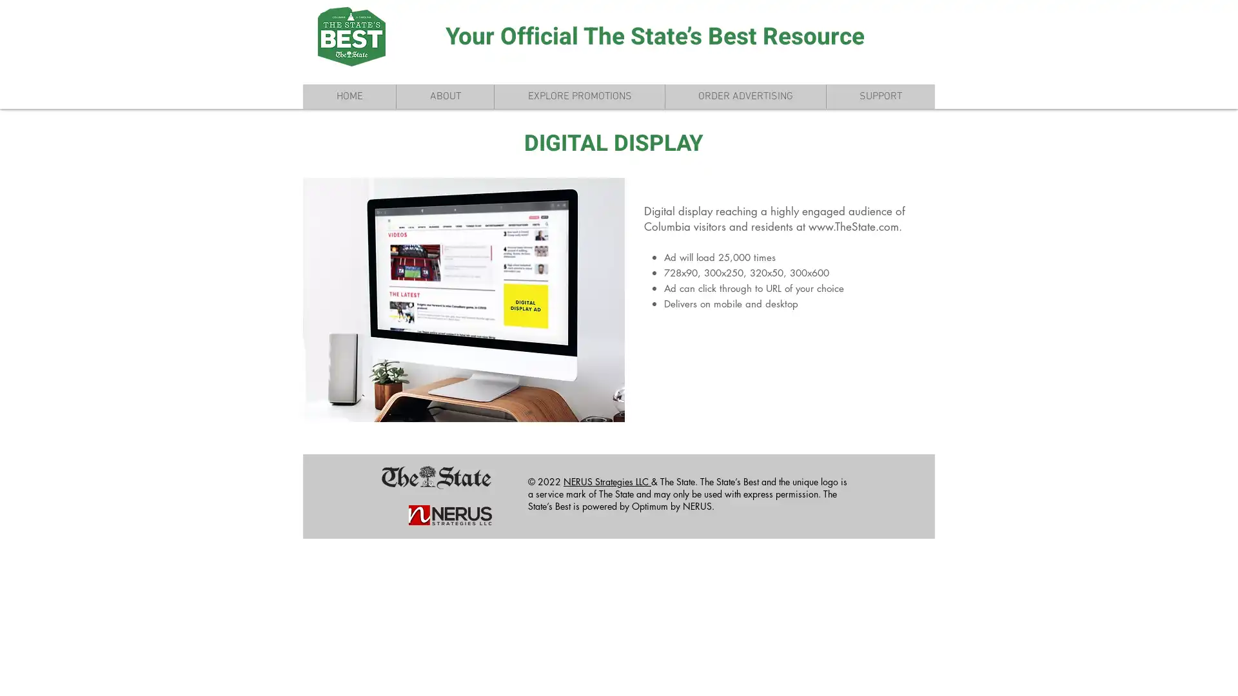  I want to click on Close, so click(1222, 675).